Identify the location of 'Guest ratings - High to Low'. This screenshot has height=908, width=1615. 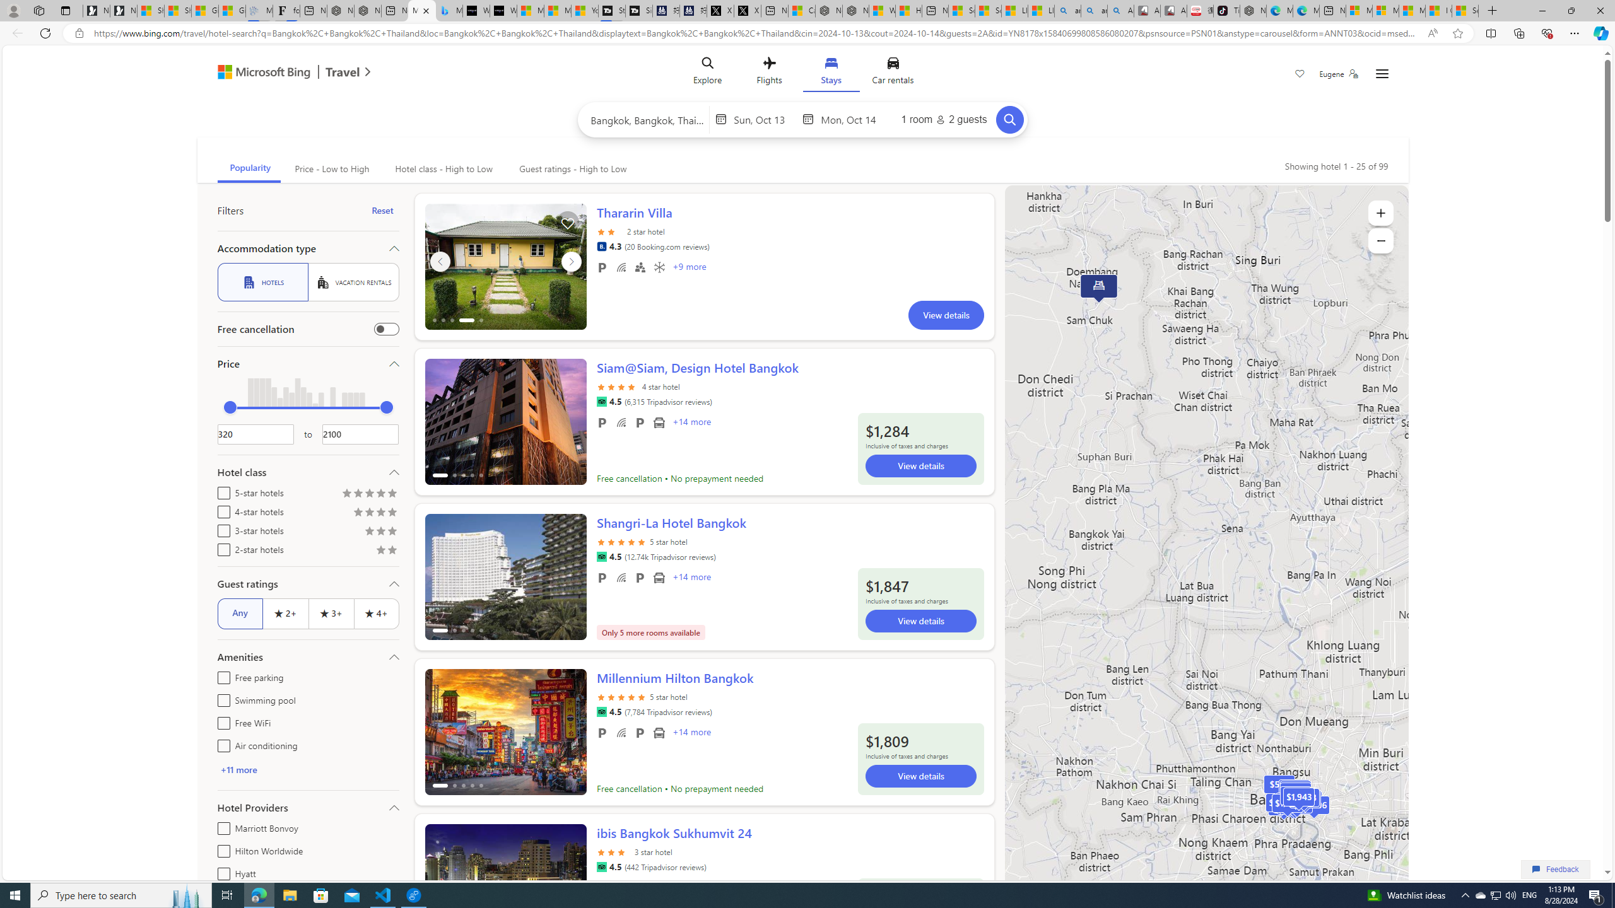
(571, 168).